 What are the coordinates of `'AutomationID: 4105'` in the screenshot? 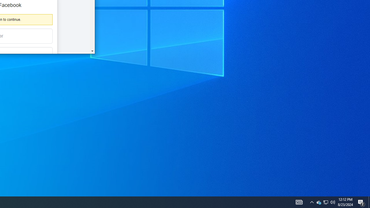 It's located at (299, 202).